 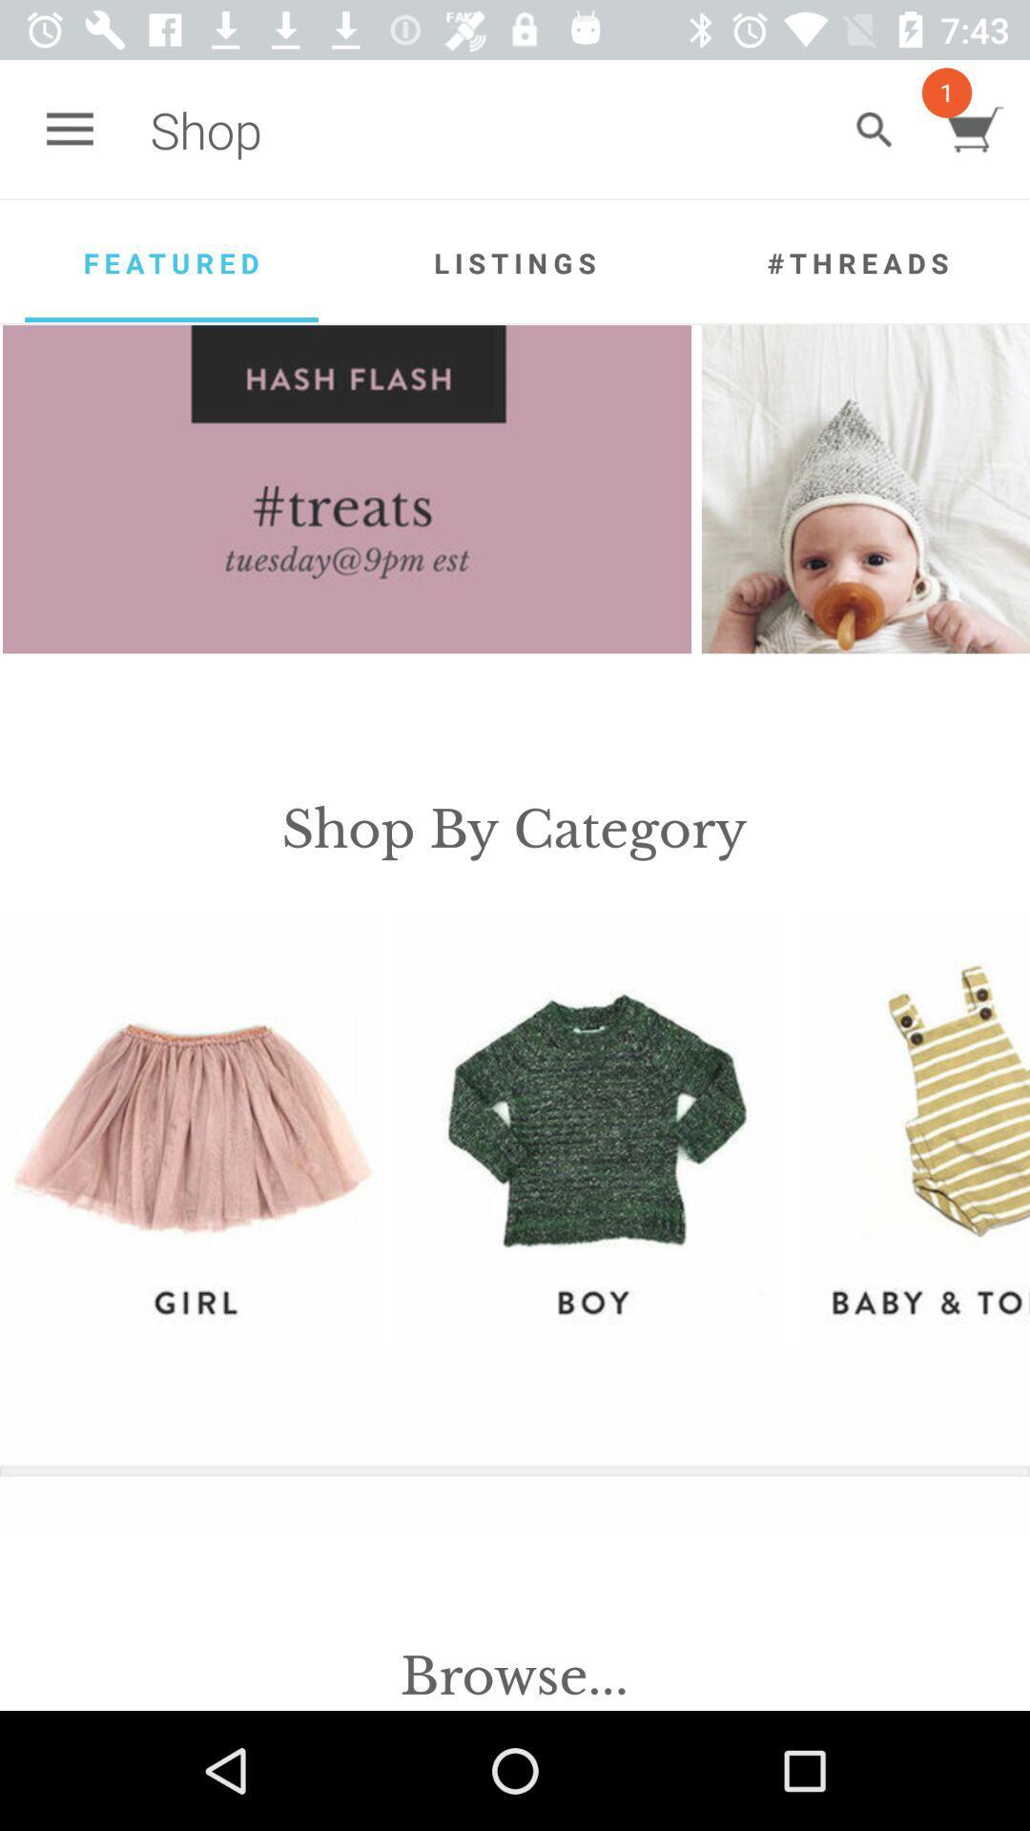 What do you see at coordinates (874, 129) in the screenshot?
I see `icon next to shop icon` at bounding box center [874, 129].